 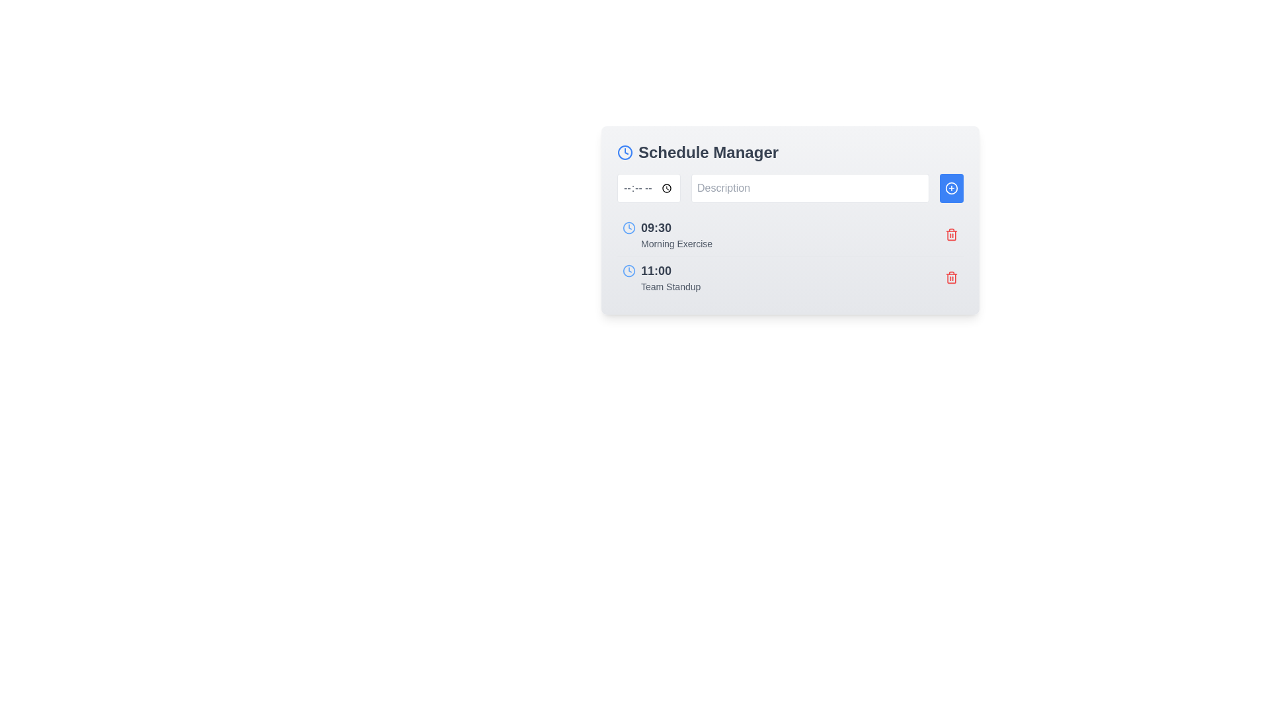 I want to click on the button to add or create a new schedule entry located to the right of the text input field within the 'Schedule Manager' section, so click(x=952, y=188).